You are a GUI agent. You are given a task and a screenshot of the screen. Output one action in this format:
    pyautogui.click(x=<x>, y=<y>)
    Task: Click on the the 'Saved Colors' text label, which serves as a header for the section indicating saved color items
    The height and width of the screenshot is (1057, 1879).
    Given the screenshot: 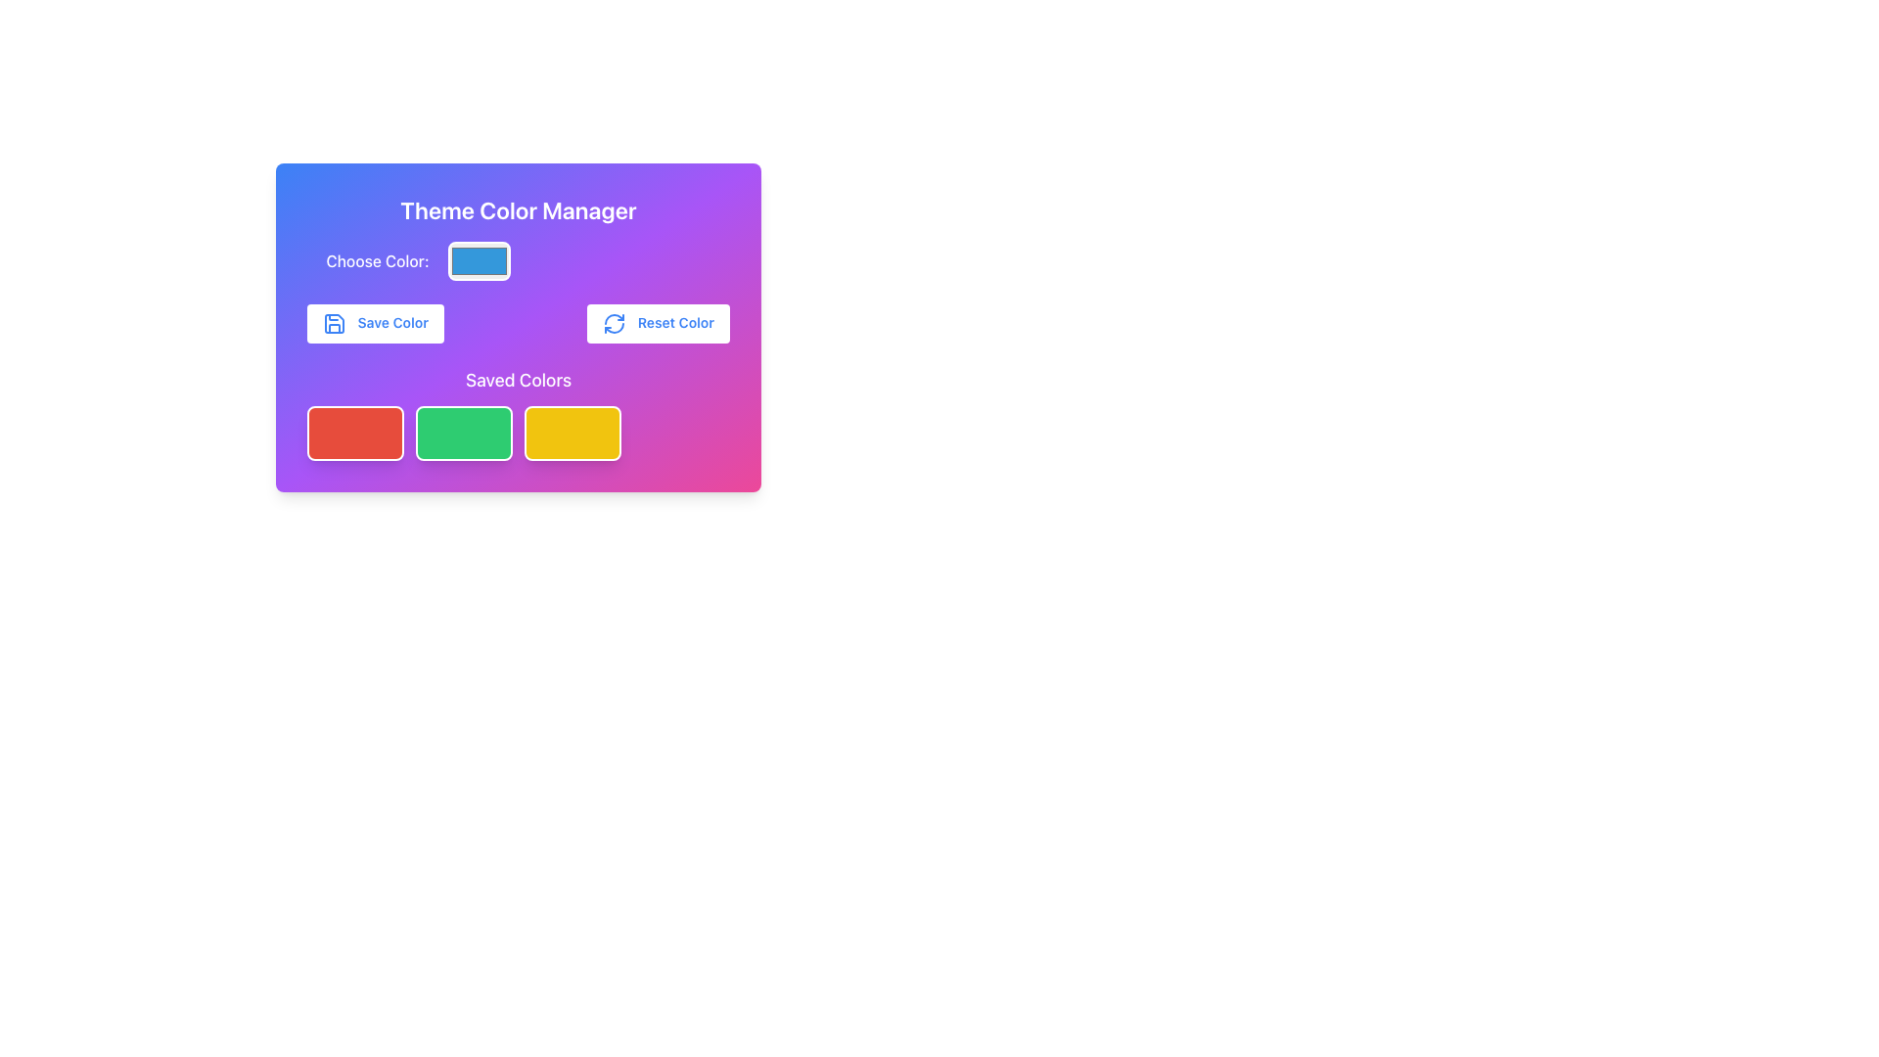 What is the action you would take?
    pyautogui.click(x=518, y=381)
    